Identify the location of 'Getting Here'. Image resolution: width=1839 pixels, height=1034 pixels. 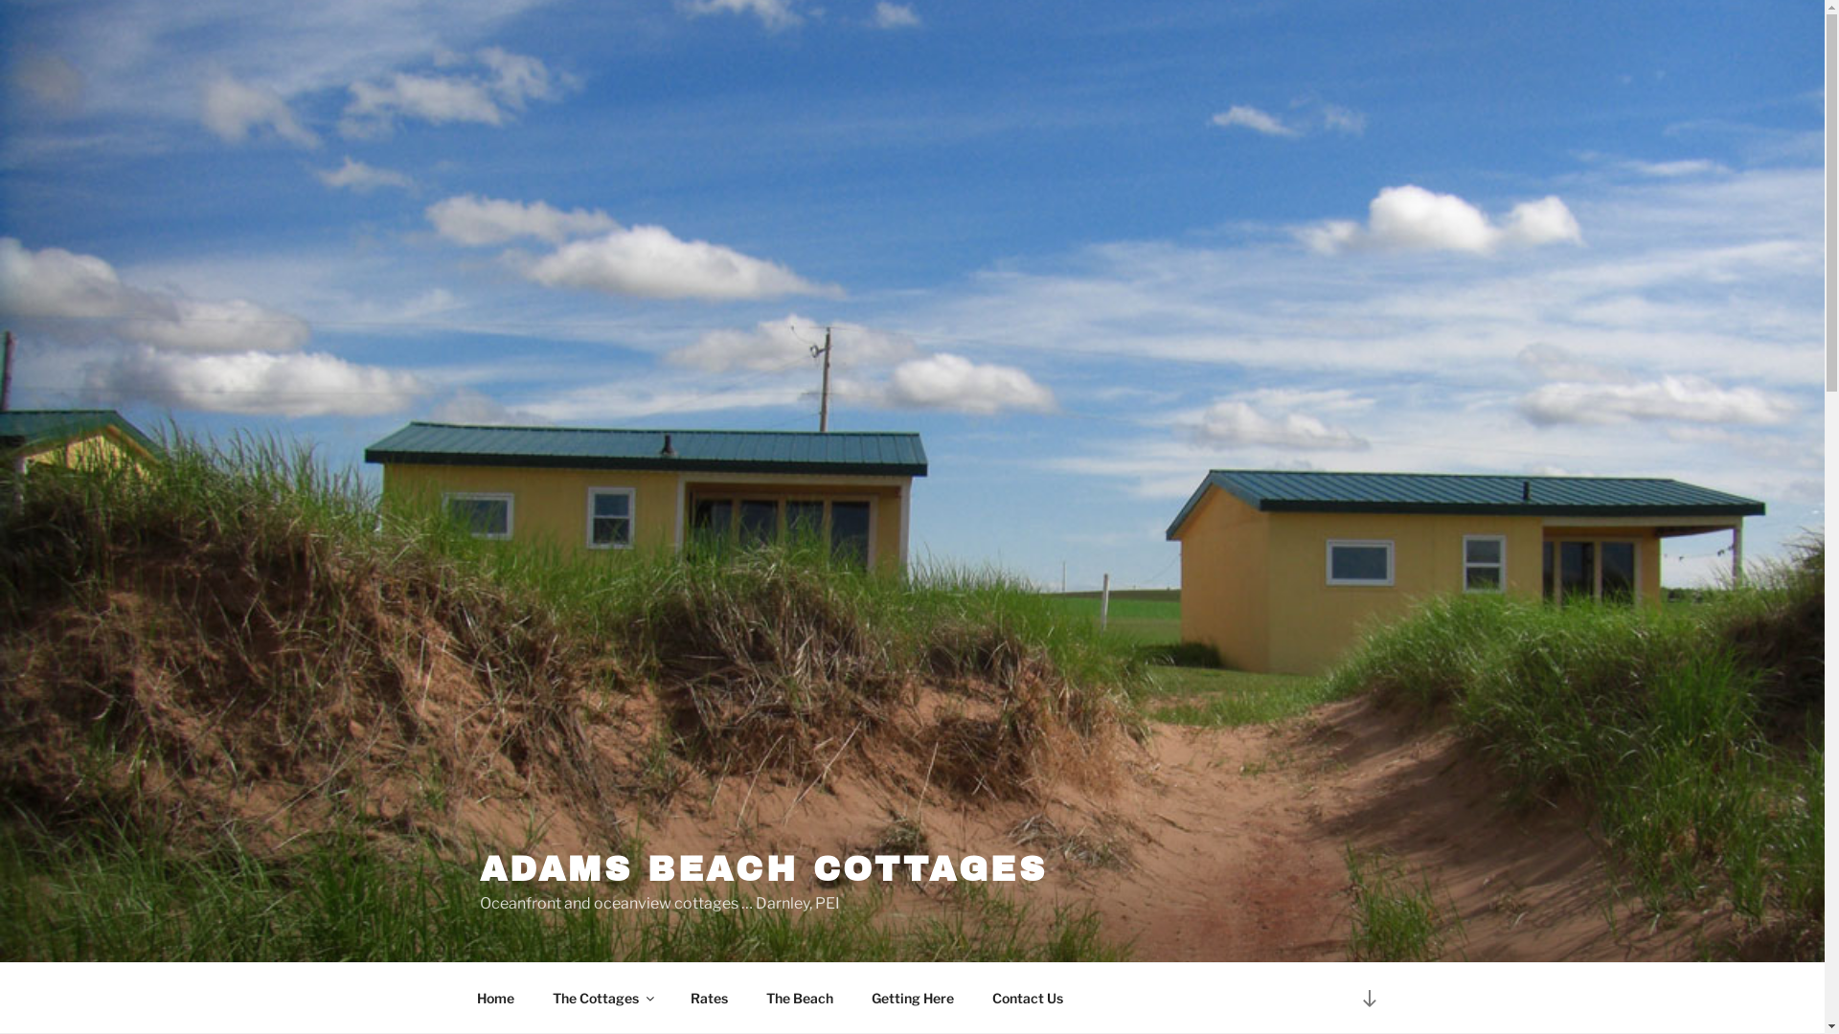
(911, 996).